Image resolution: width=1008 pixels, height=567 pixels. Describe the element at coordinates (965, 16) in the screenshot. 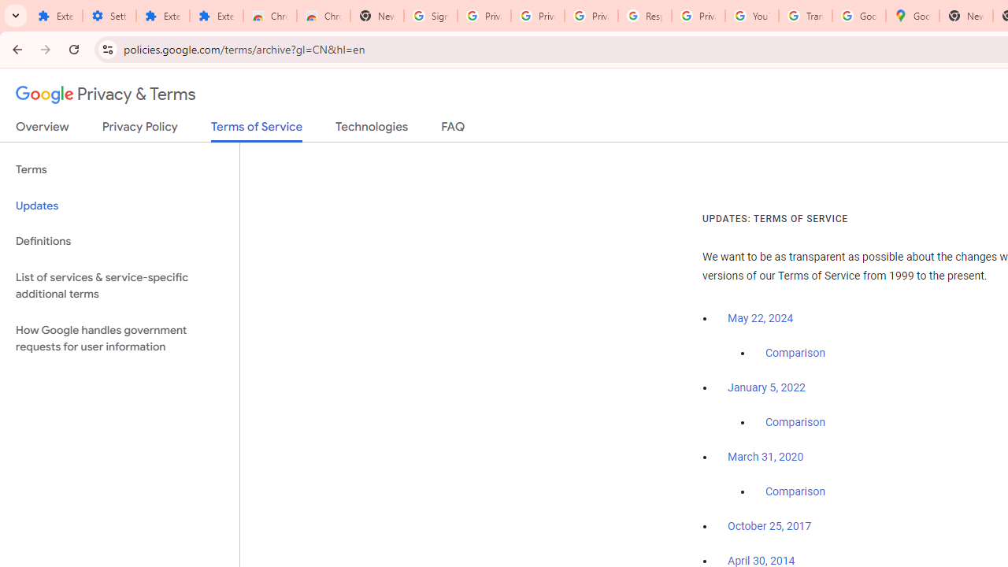

I see `'New Tab'` at that location.